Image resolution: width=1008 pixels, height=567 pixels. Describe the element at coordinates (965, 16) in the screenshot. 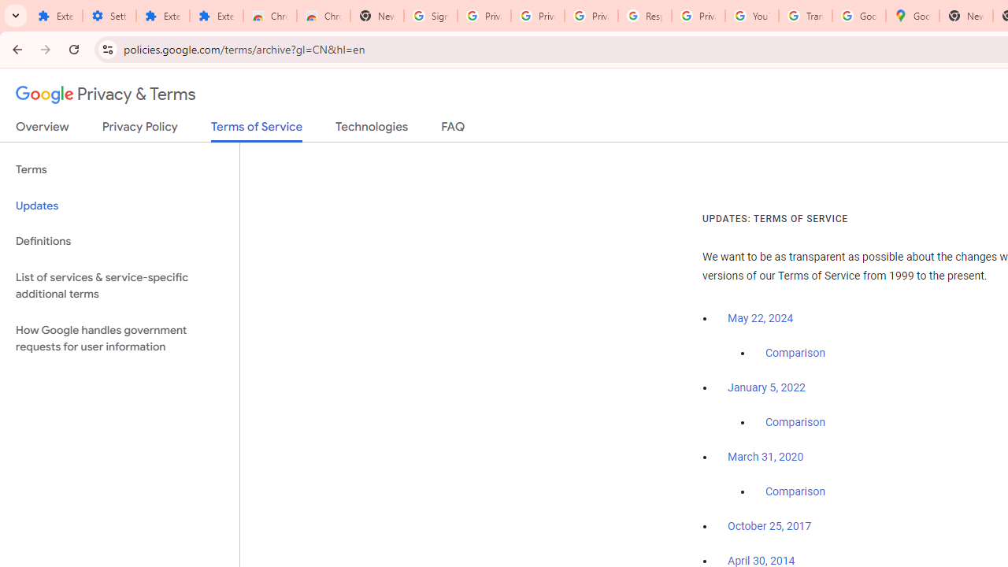

I see `'New Tab'` at that location.